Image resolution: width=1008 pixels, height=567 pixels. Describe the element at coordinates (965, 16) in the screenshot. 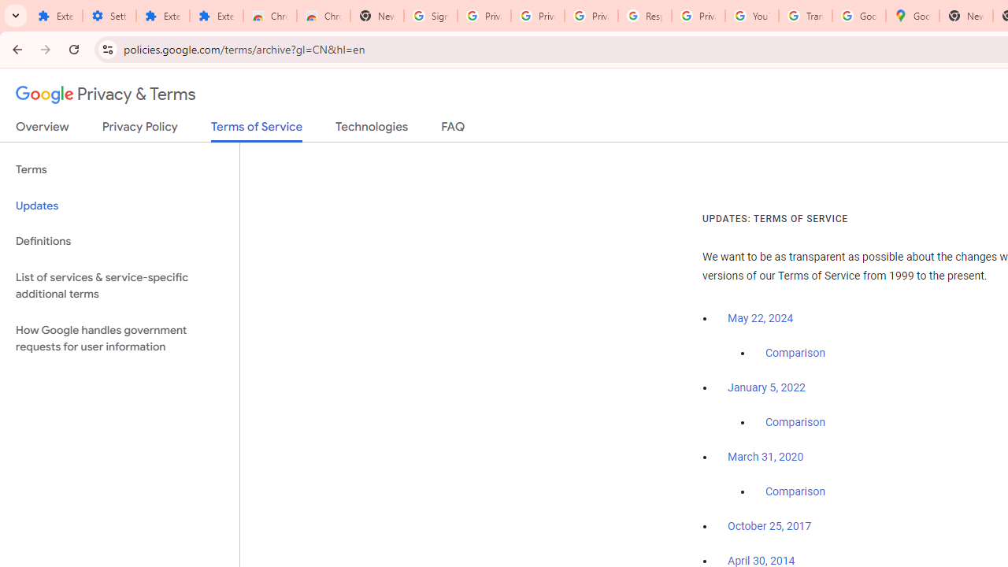

I see `'New Tab'` at that location.